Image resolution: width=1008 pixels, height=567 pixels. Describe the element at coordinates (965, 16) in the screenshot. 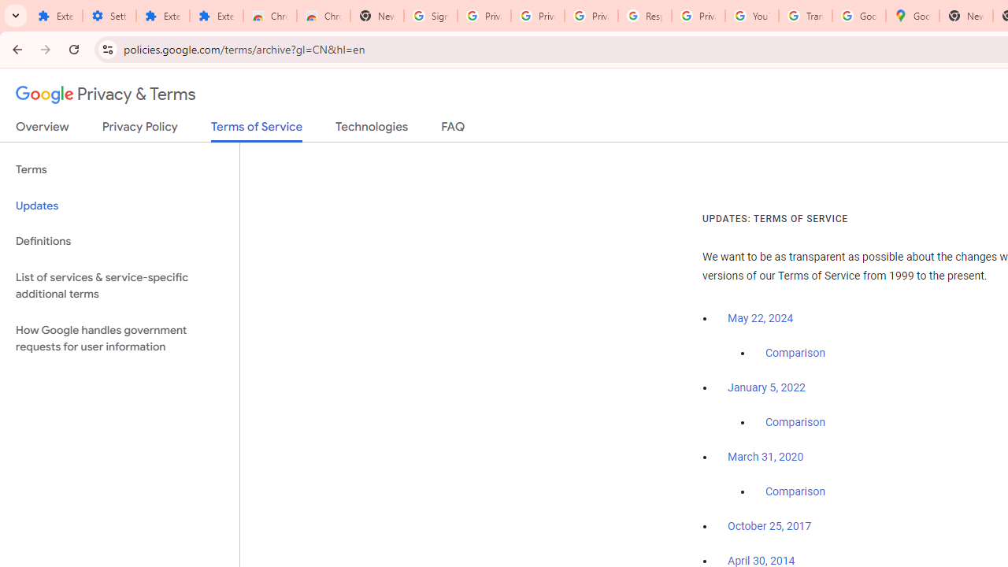

I see `'New Tab'` at that location.